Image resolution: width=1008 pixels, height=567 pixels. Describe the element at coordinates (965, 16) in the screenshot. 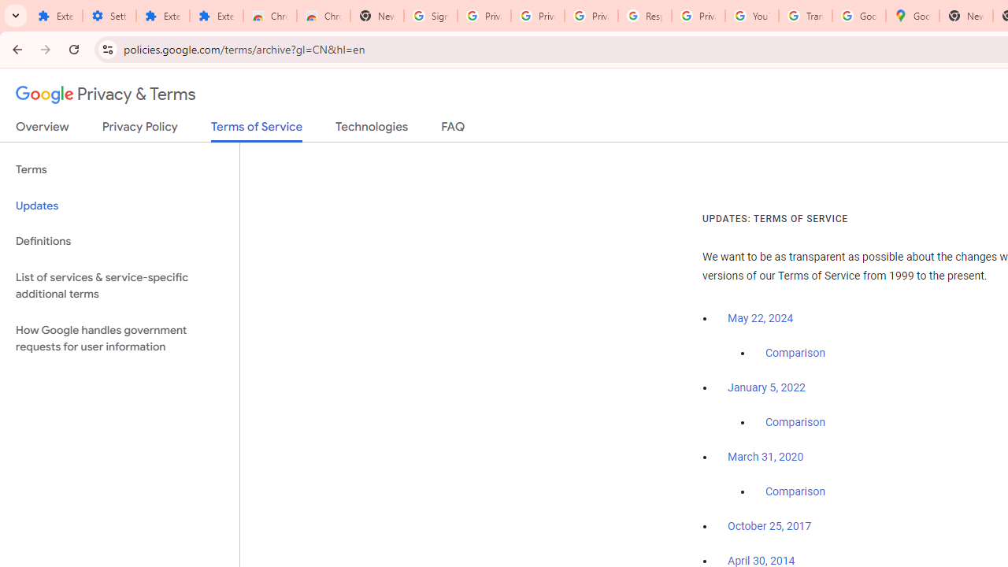

I see `'New Tab'` at that location.